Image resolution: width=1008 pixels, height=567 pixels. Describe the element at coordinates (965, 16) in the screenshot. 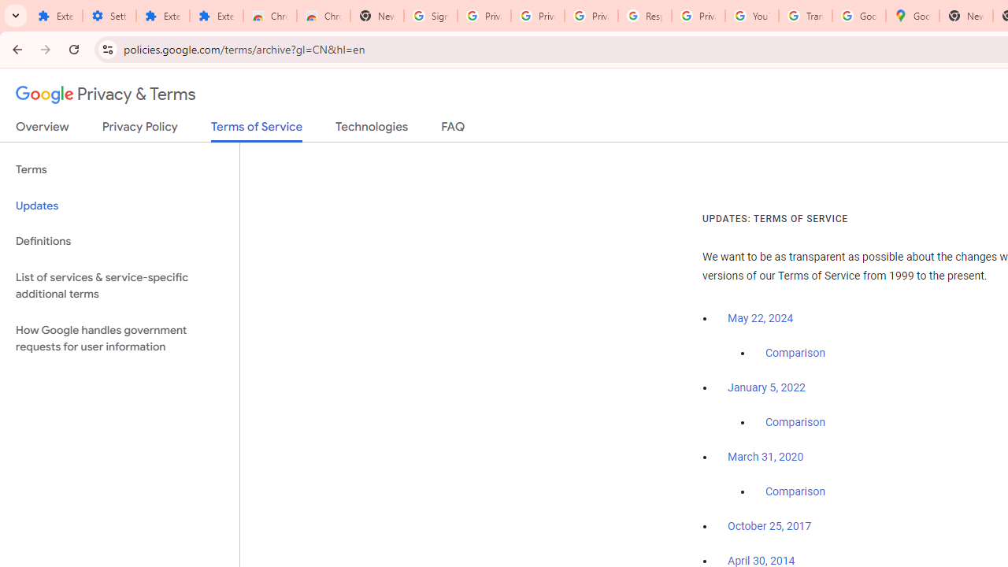

I see `'New Tab'` at that location.